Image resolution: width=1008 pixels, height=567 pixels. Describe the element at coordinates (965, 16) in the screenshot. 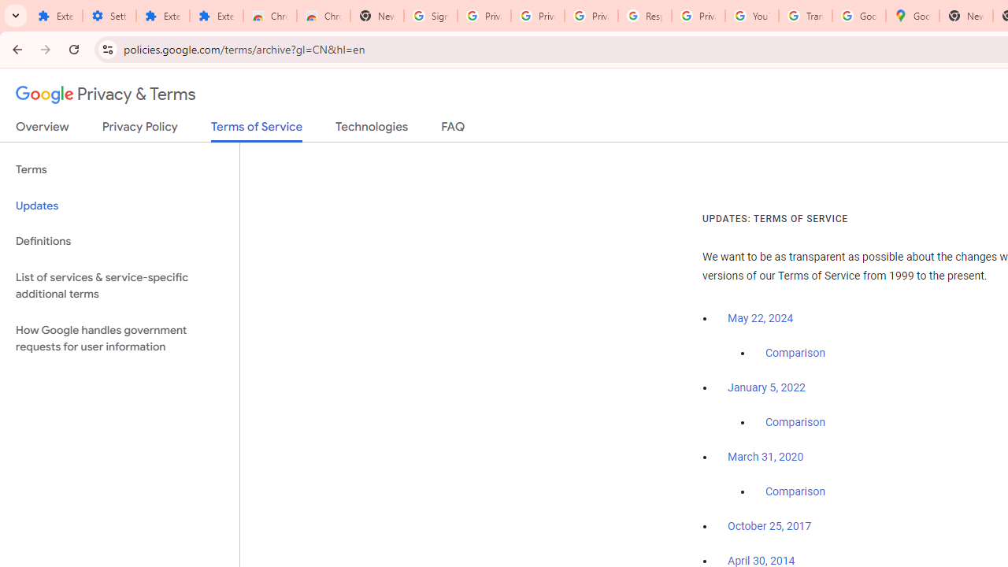

I see `'New Tab'` at that location.